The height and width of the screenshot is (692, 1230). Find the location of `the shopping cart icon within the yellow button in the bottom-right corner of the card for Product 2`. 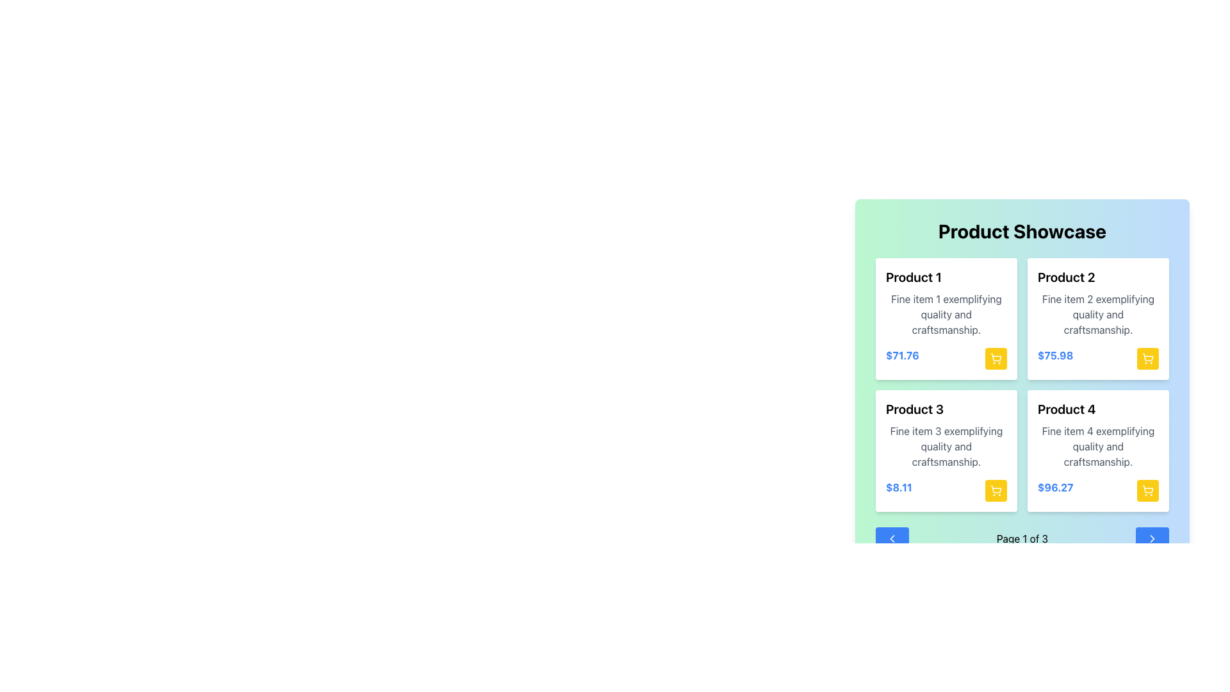

the shopping cart icon within the yellow button in the bottom-right corner of the card for Product 2 is located at coordinates (1147, 358).